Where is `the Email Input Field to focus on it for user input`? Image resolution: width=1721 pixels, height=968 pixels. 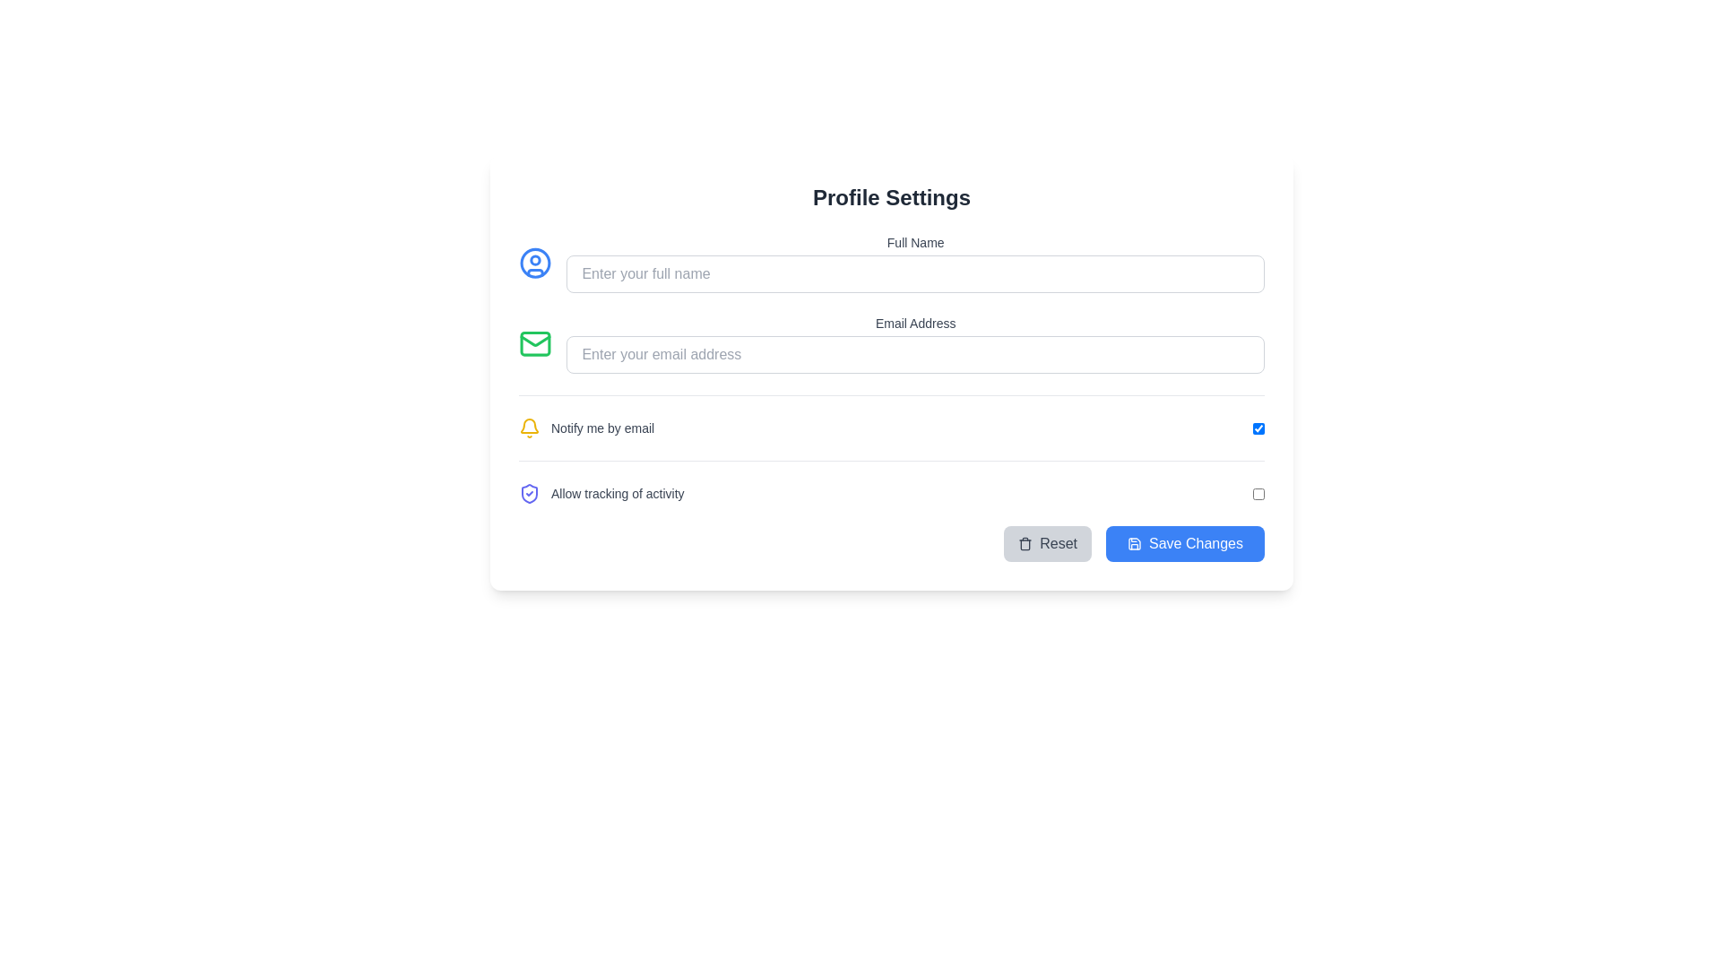 the Email Input Field to focus on it for user input is located at coordinates (891, 344).